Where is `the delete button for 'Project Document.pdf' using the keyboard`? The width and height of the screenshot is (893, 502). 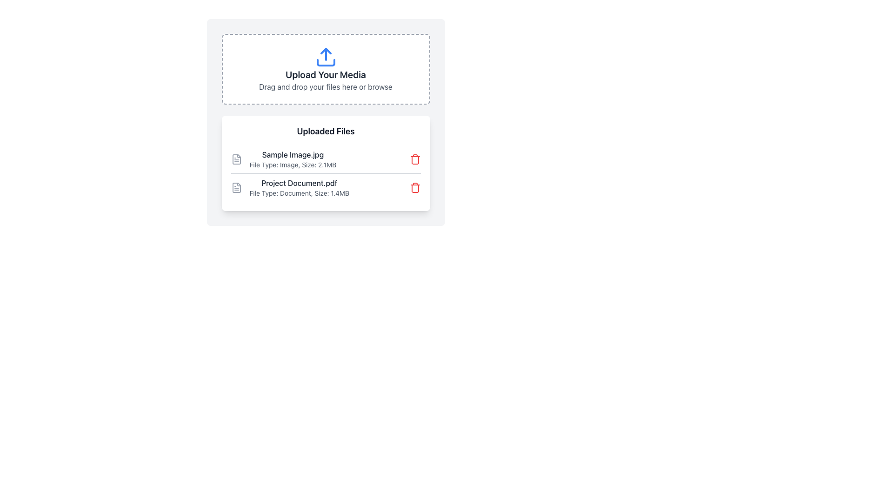 the delete button for 'Project Document.pdf' using the keyboard is located at coordinates (414, 188).